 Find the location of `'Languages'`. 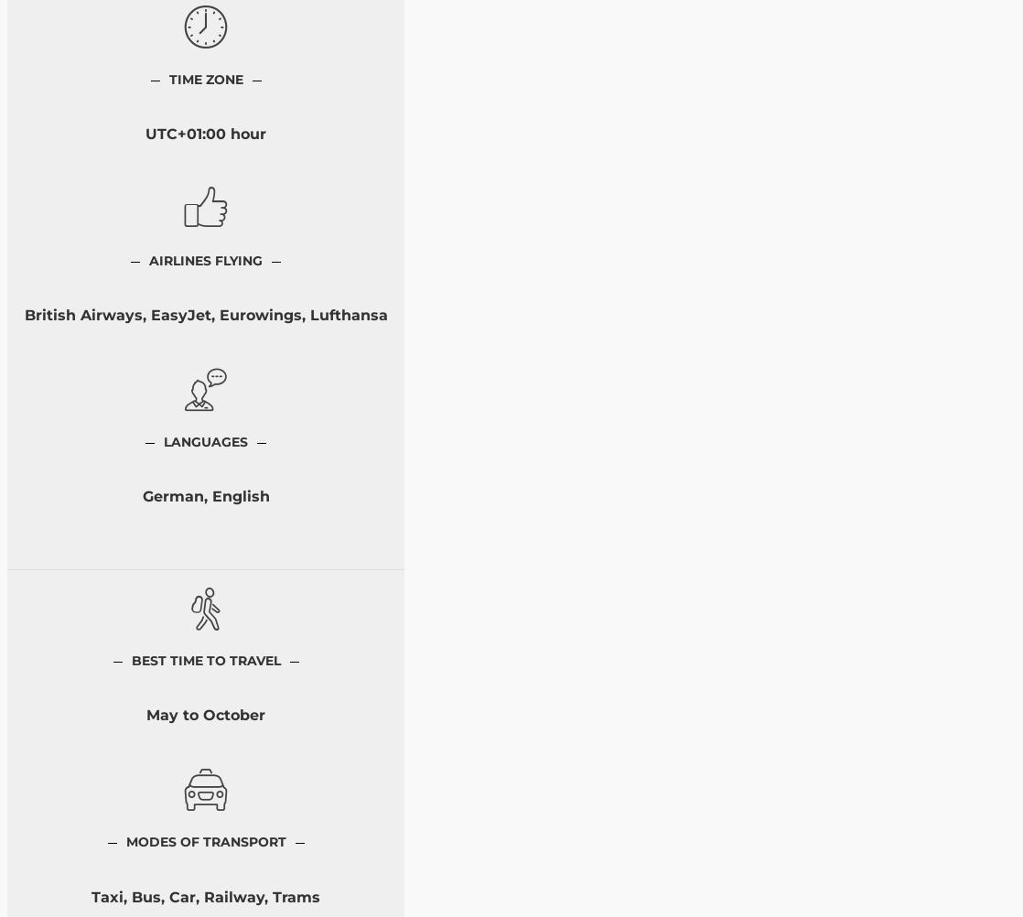

'Languages' is located at coordinates (206, 440).